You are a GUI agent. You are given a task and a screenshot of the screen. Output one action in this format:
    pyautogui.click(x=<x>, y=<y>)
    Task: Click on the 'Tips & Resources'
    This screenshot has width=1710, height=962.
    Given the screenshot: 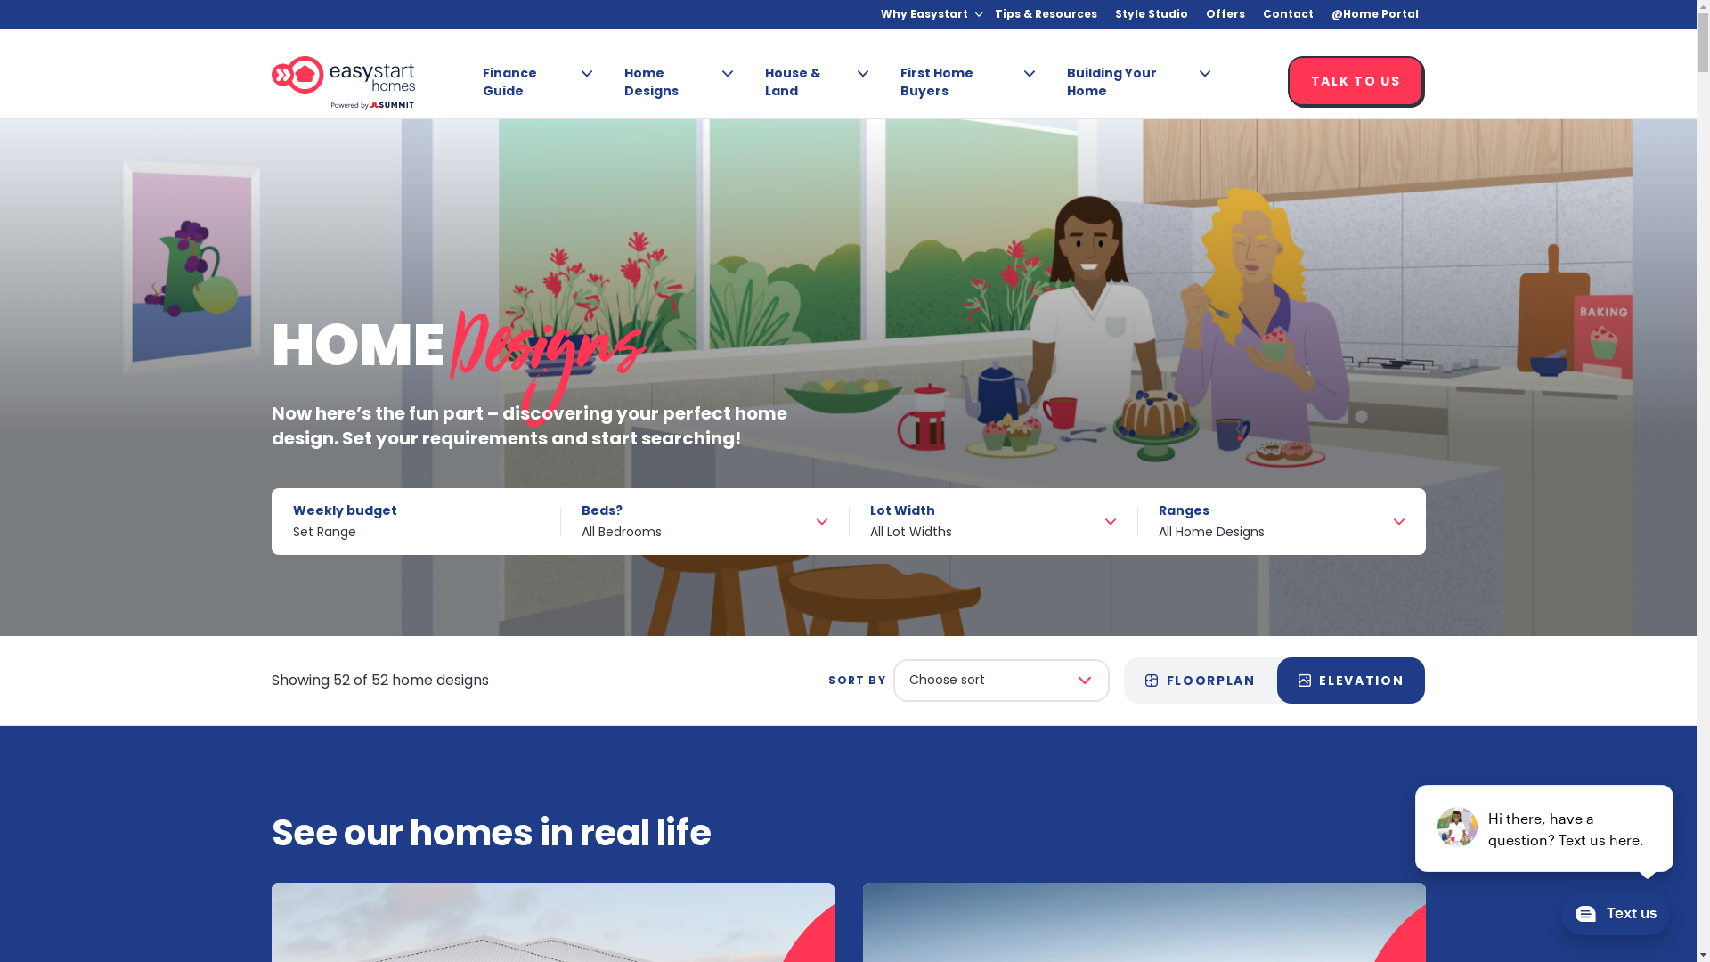 What is the action you would take?
    pyautogui.click(x=1045, y=14)
    